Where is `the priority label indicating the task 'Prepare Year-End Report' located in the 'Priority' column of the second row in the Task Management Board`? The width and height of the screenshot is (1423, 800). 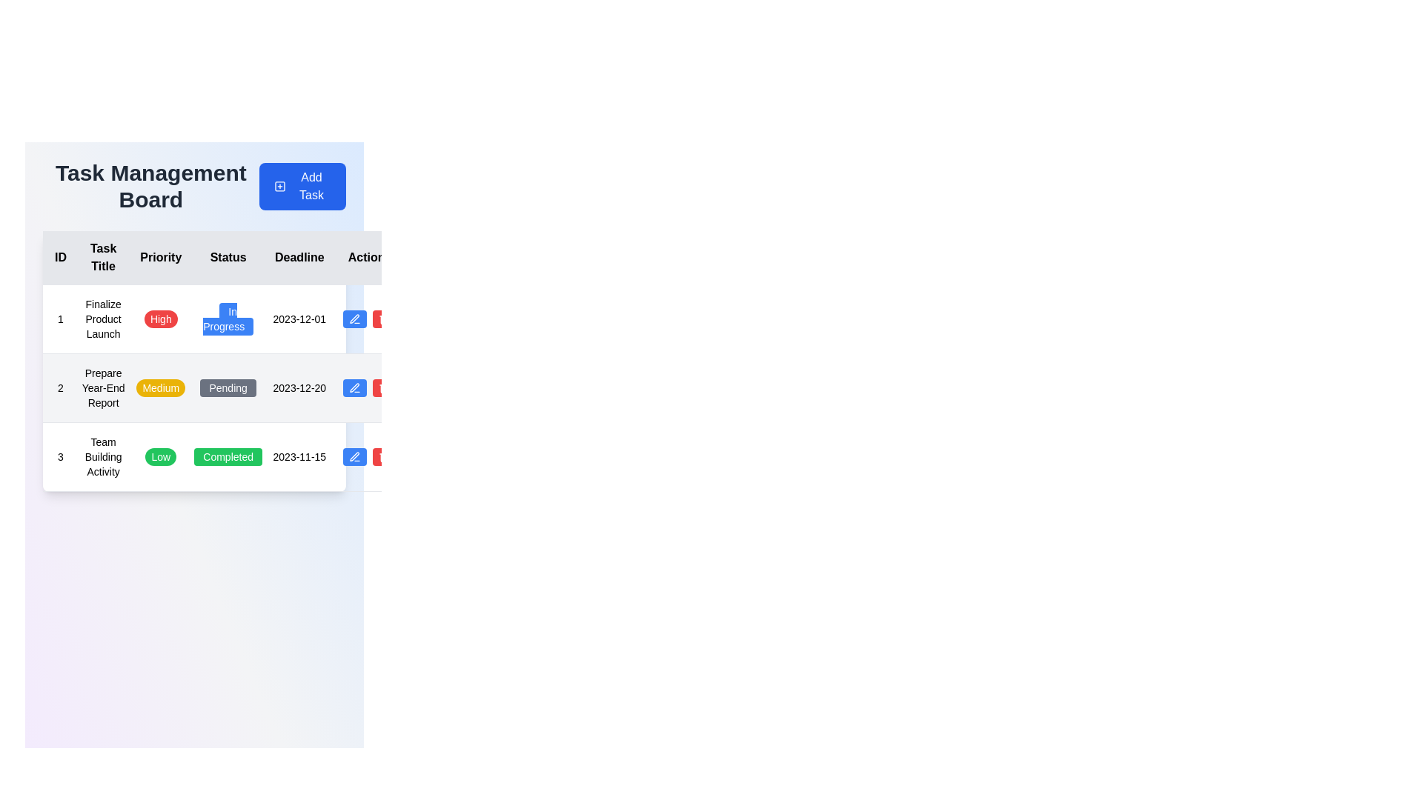
the priority label indicating the task 'Prepare Year-End Report' located in the 'Priority' column of the second row in the Task Management Board is located at coordinates (161, 387).